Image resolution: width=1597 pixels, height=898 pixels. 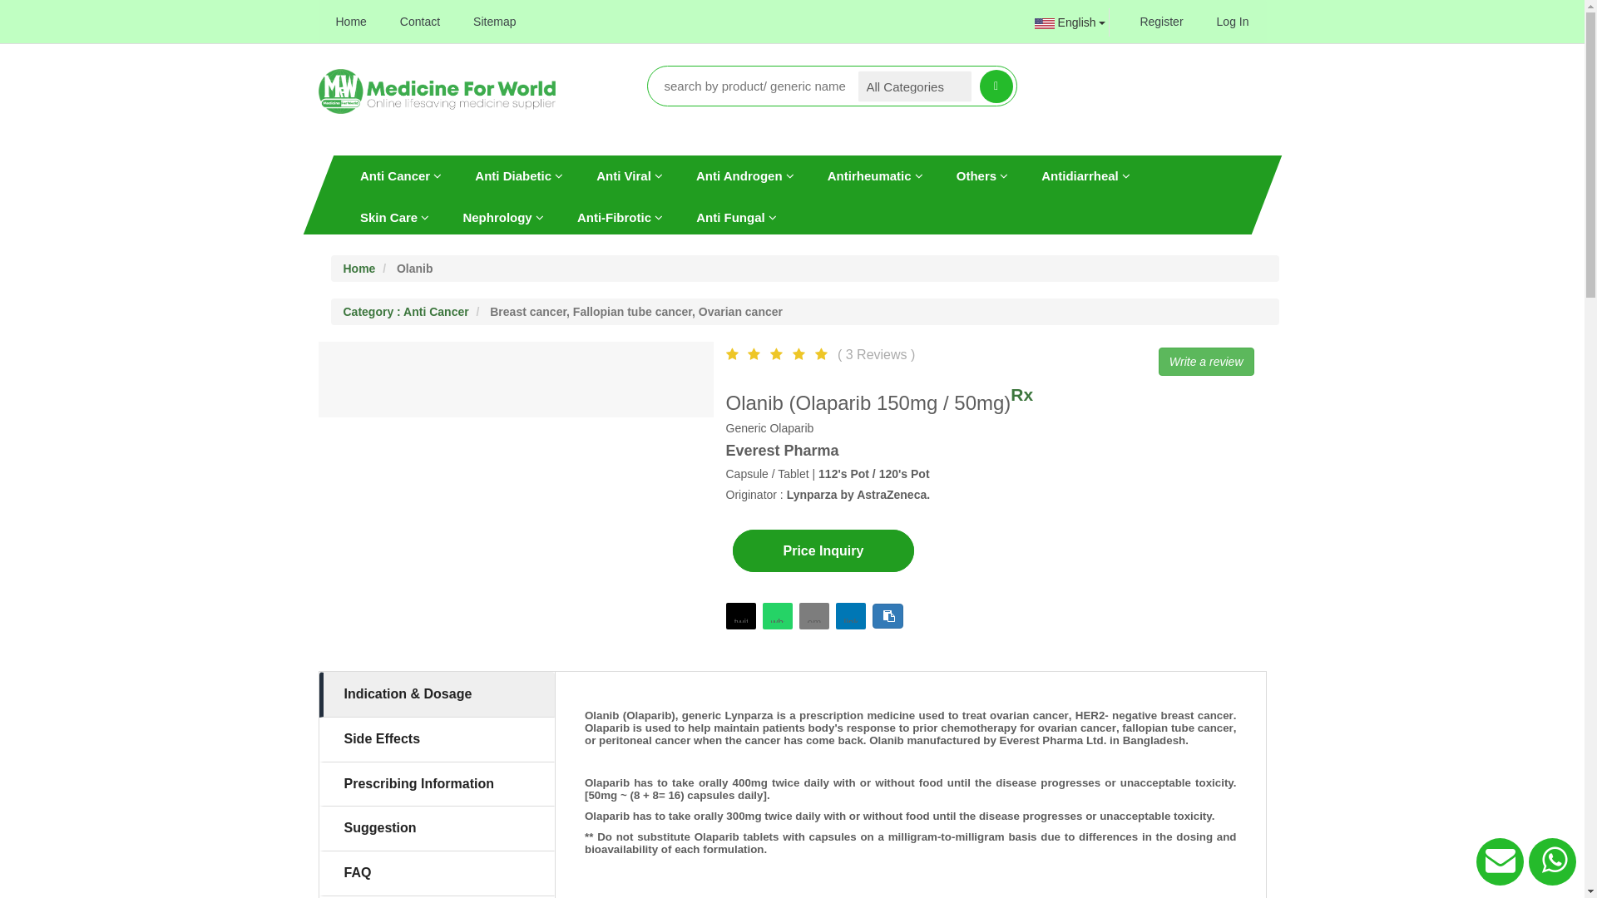 I want to click on 'Anti Androgen', so click(x=743, y=175).